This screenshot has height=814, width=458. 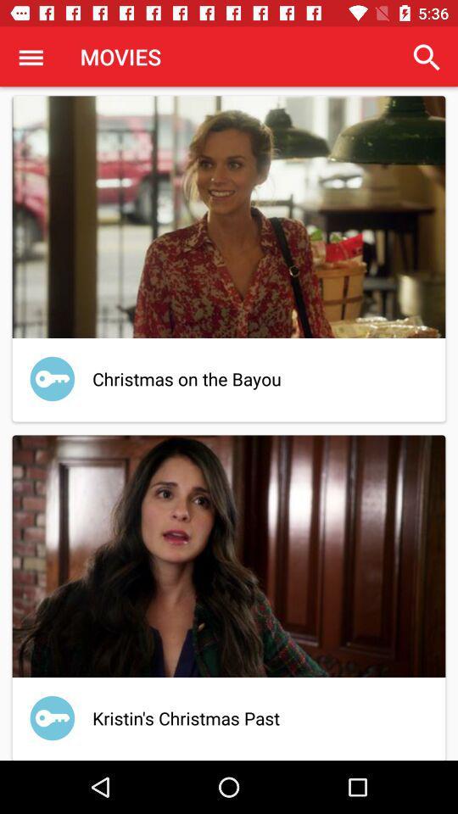 I want to click on item to the right of movies item, so click(x=426, y=57).